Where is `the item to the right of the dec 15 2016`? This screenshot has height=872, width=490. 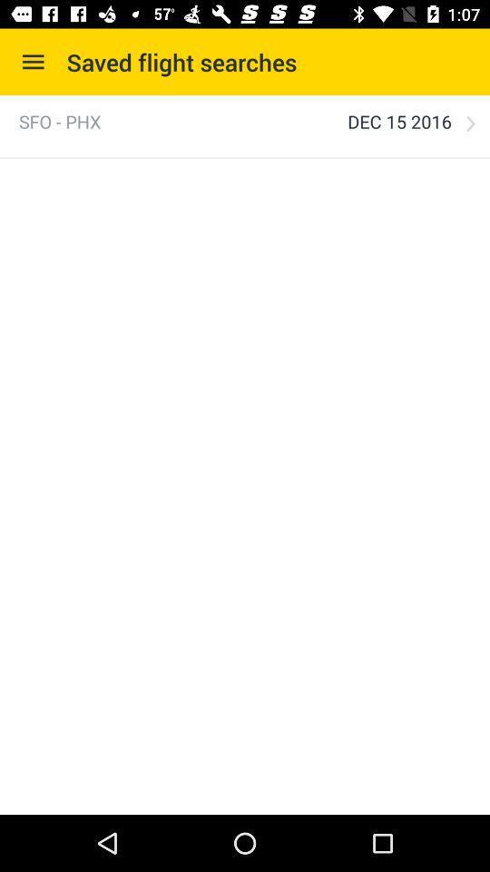 the item to the right of the dec 15 2016 is located at coordinates (470, 123).